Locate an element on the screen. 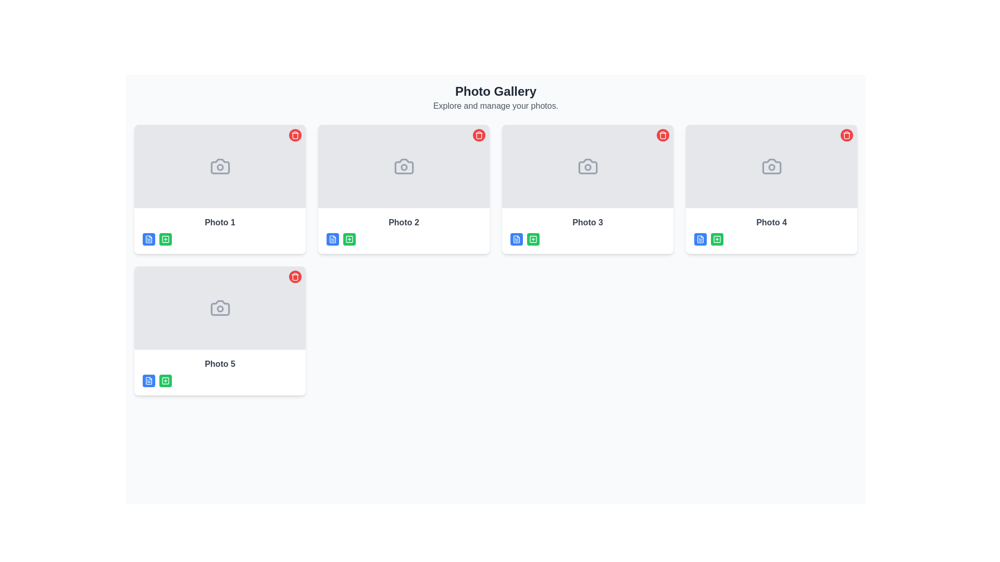 This screenshot has width=1000, height=562. the small square icon button with a plus sign in its center, which has a green background and is positioned beneath the image thumbnail labeled 'Photo 2' is located at coordinates (349, 239).